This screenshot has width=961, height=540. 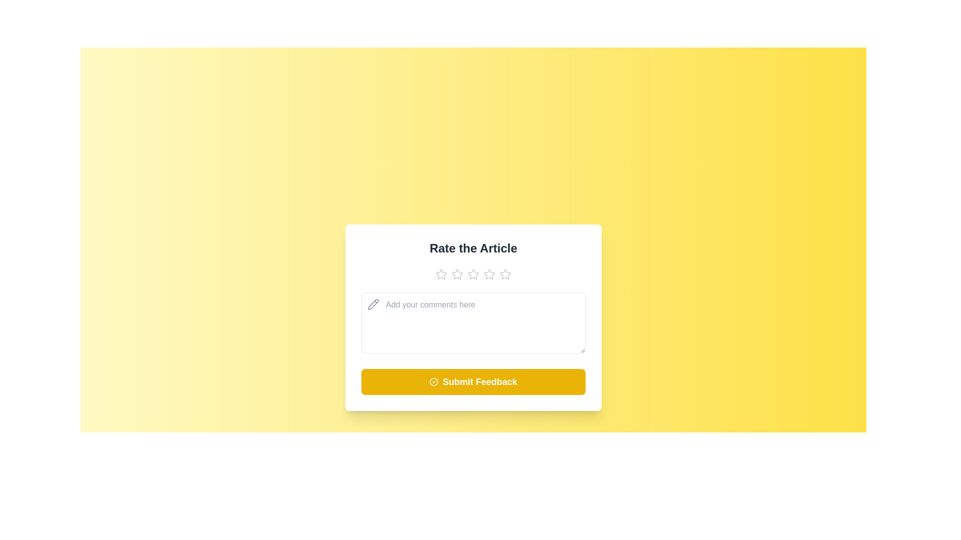 What do you see at coordinates (505, 273) in the screenshot?
I see `the fifth star icon used for ratings, which is centrally located below the heading 'Rate the Article' and above the comment input area` at bounding box center [505, 273].